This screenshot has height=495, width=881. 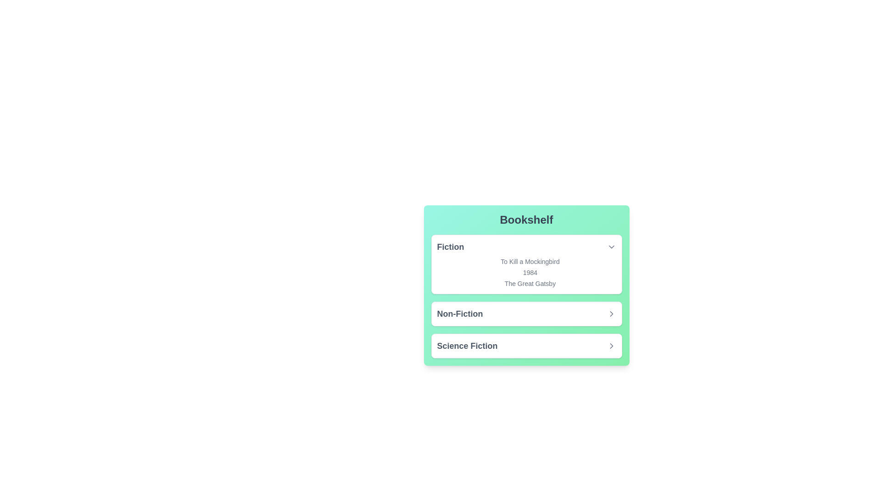 What do you see at coordinates (526, 272) in the screenshot?
I see `the book title 1984` at bounding box center [526, 272].